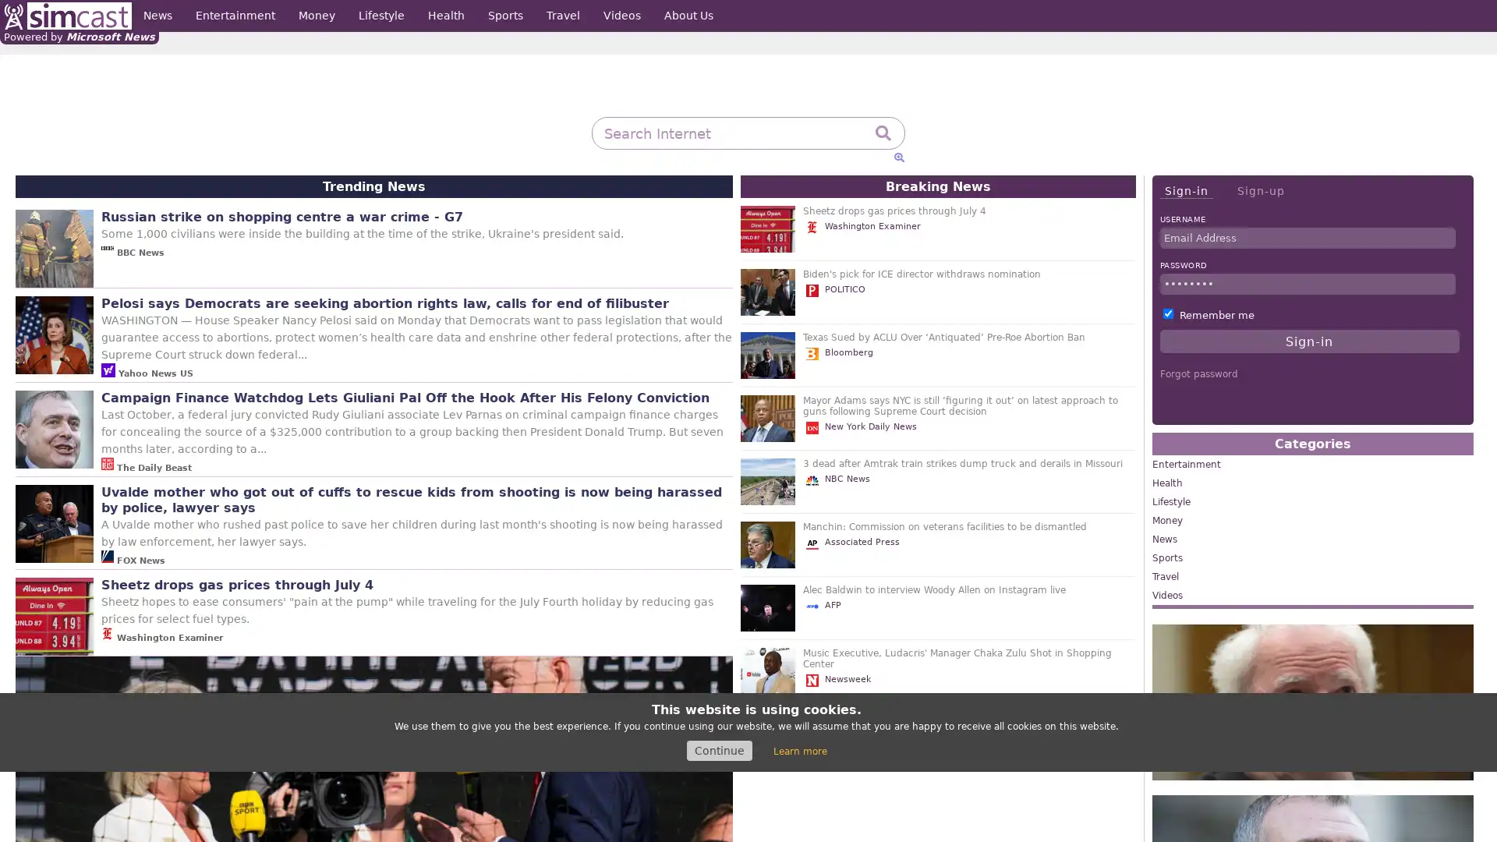  What do you see at coordinates (718, 750) in the screenshot?
I see `Continue` at bounding box center [718, 750].